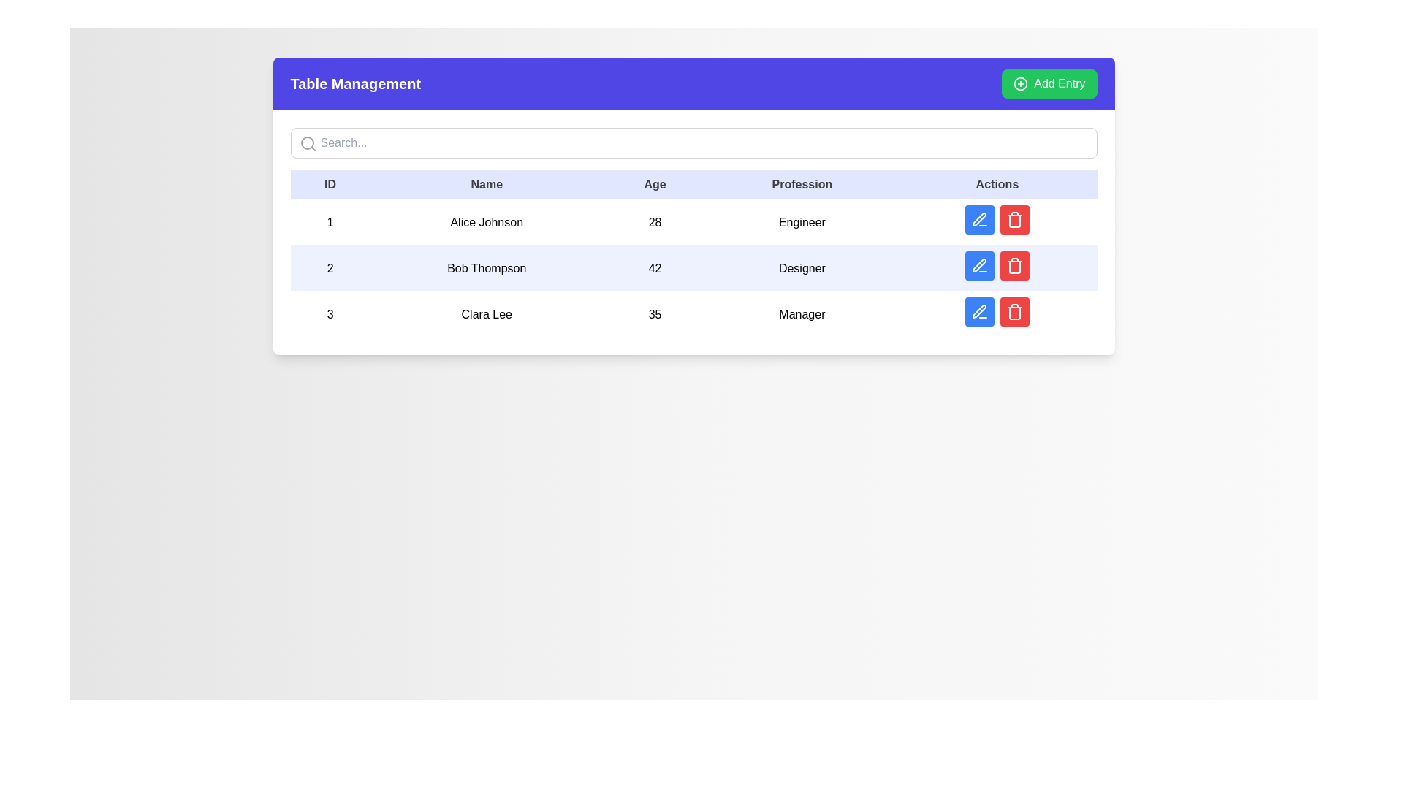 The width and height of the screenshot is (1403, 789). Describe the element at coordinates (330, 313) in the screenshot. I see `the Text display field that indicates the identifier number in the third row of the table under the 'ID' column` at that location.